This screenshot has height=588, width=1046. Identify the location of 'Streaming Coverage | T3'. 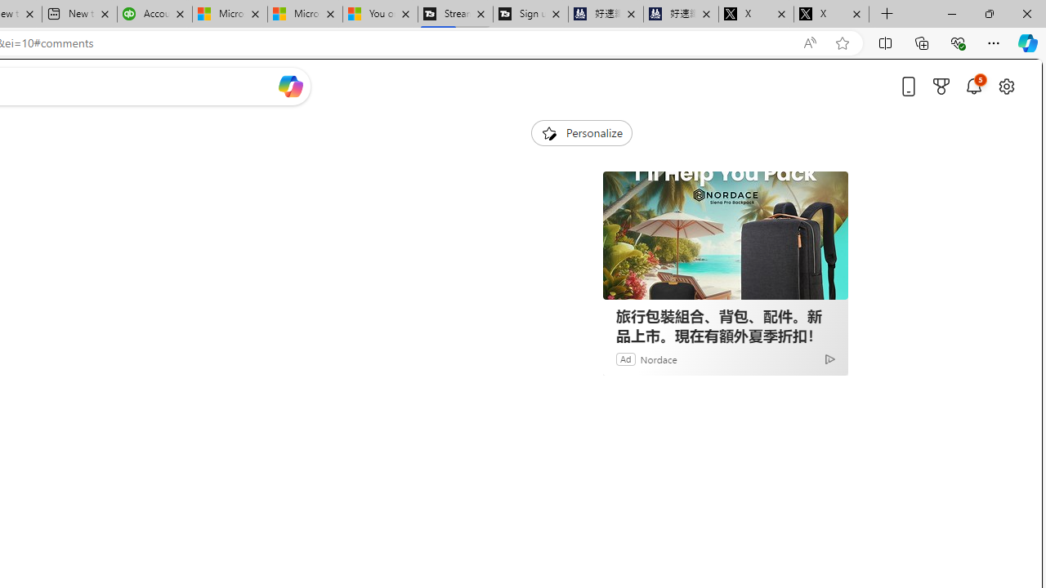
(455, 14).